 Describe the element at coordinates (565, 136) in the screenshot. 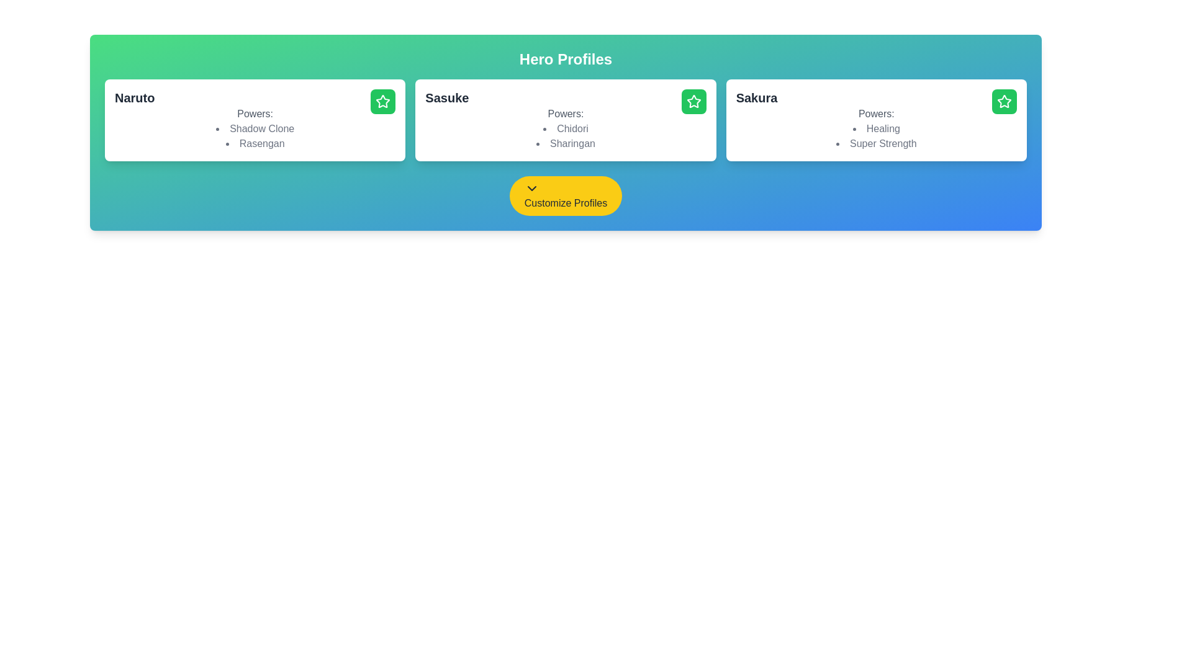

I see `the bulleted list containing 'Chidori' and 'Sharingan' in the profile card for 'Sasuke', located beneath the heading 'Powers:'` at that location.